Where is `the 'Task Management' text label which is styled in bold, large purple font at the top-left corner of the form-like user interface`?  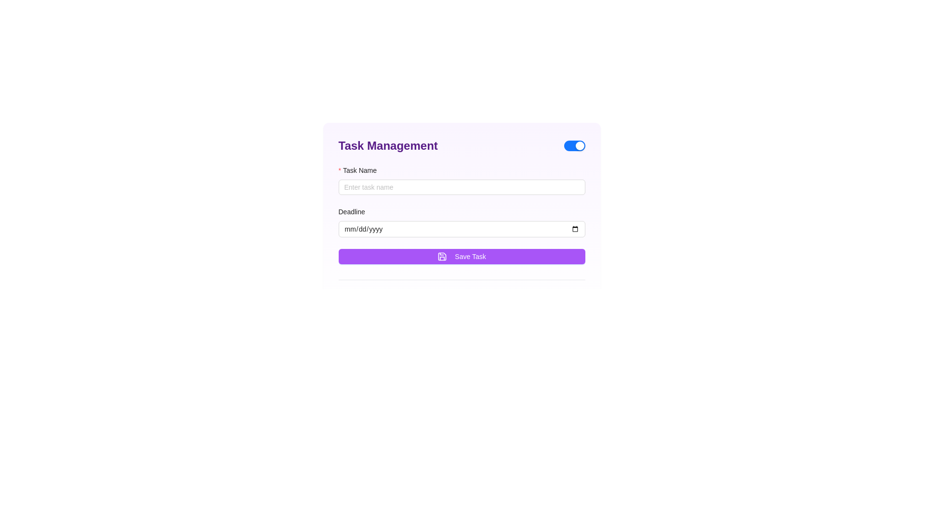
the 'Task Management' text label which is styled in bold, large purple font at the top-left corner of the form-like user interface is located at coordinates (388, 146).